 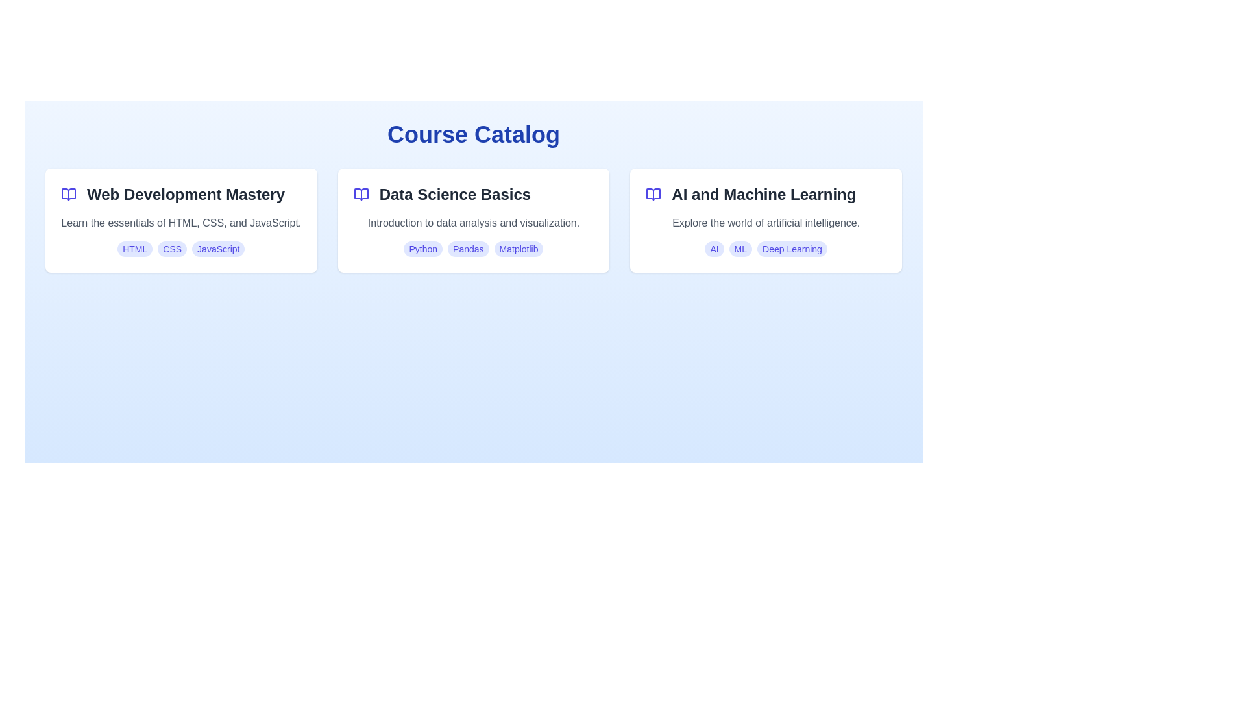 I want to click on the 'CSS' badge, which is a small, rounded rectangular tag with indigo text on a light indigo background, located in the 'Web Development Mastery' section between 'HTML' and 'JavaScript', so click(x=171, y=249).